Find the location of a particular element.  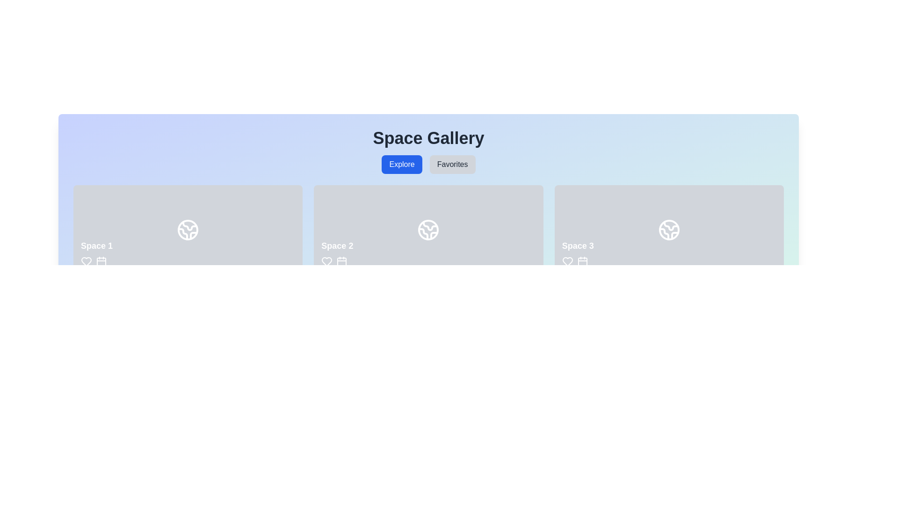

the favorites button located to the right of the 'Explore' button is located at coordinates (452, 164).